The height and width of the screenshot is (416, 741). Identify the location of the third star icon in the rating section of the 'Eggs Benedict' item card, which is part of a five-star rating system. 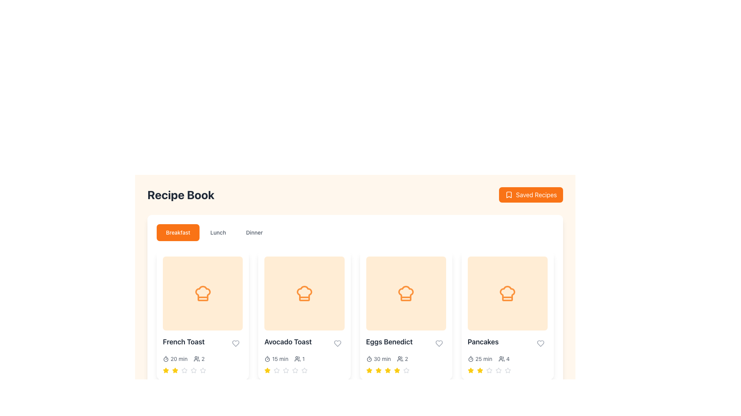
(378, 370).